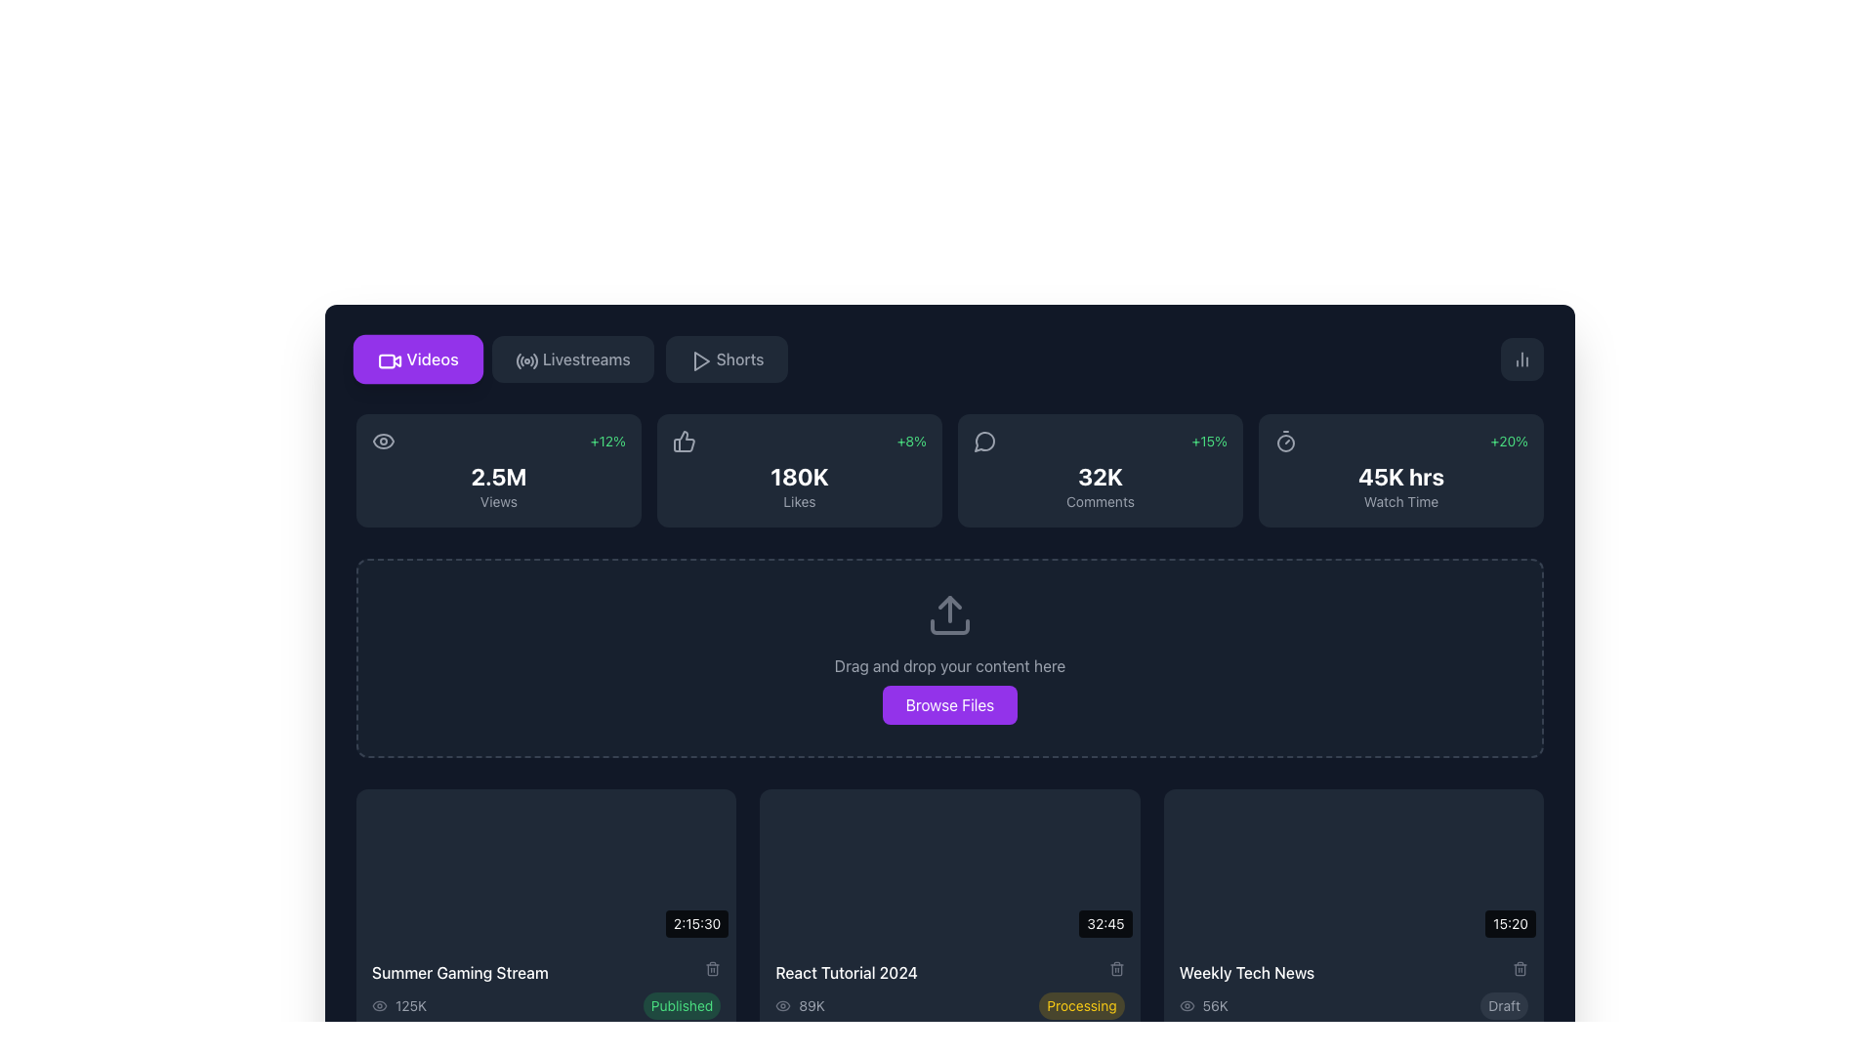  What do you see at coordinates (800, 471) in the screenshot?
I see `the Data display card that shows '180K Likes' with a green '+8%' label in the top-right corner` at bounding box center [800, 471].